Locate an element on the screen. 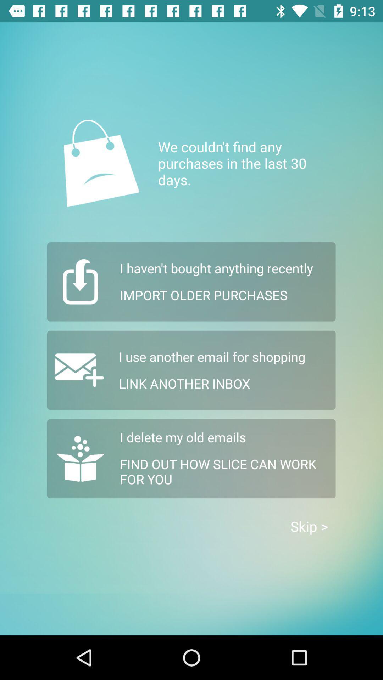  the skip > icon is located at coordinates (309, 526).